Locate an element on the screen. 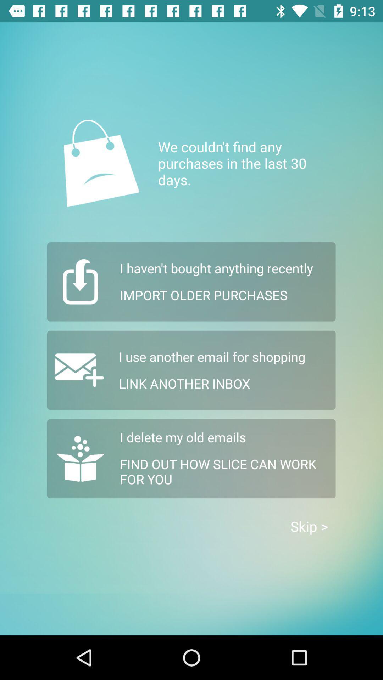  the skip > icon is located at coordinates (309, 526).